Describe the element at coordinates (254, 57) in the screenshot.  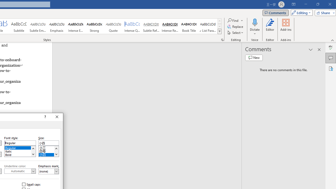
I see `'New comment'` at that location.